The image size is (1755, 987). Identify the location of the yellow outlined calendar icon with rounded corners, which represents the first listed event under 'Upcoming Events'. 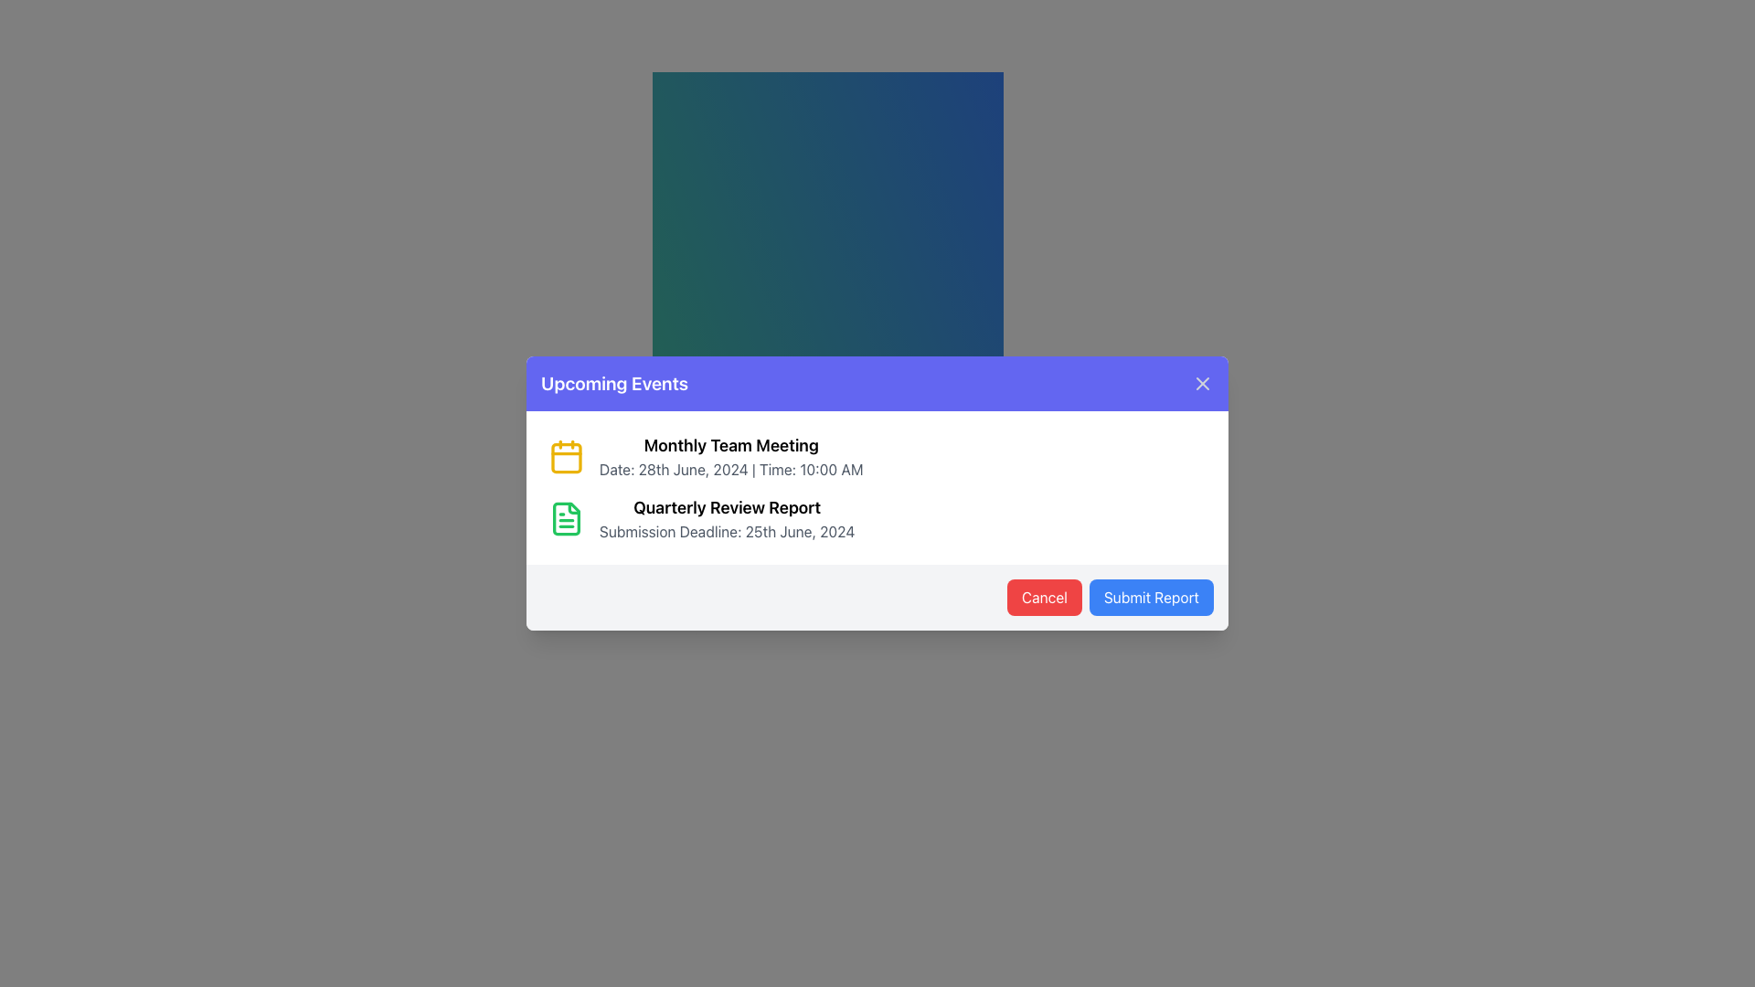
(565, 456).